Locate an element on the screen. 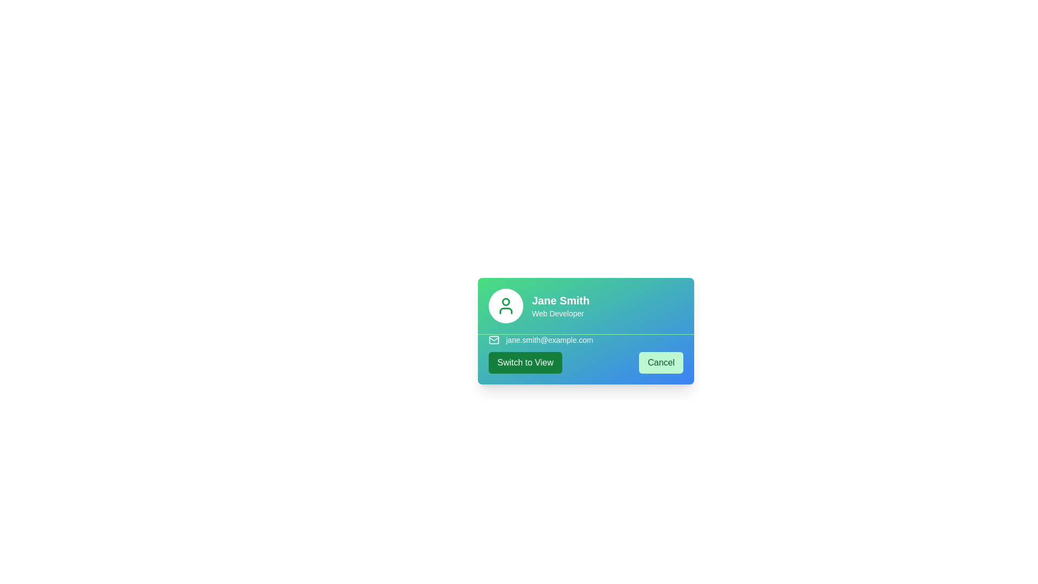 This screenshot has width=1038, height=584. the envelope body element within the email icon, which visually represents mail communication and is located just above the email address text on the user profile card is located at coordinates (493, 339).